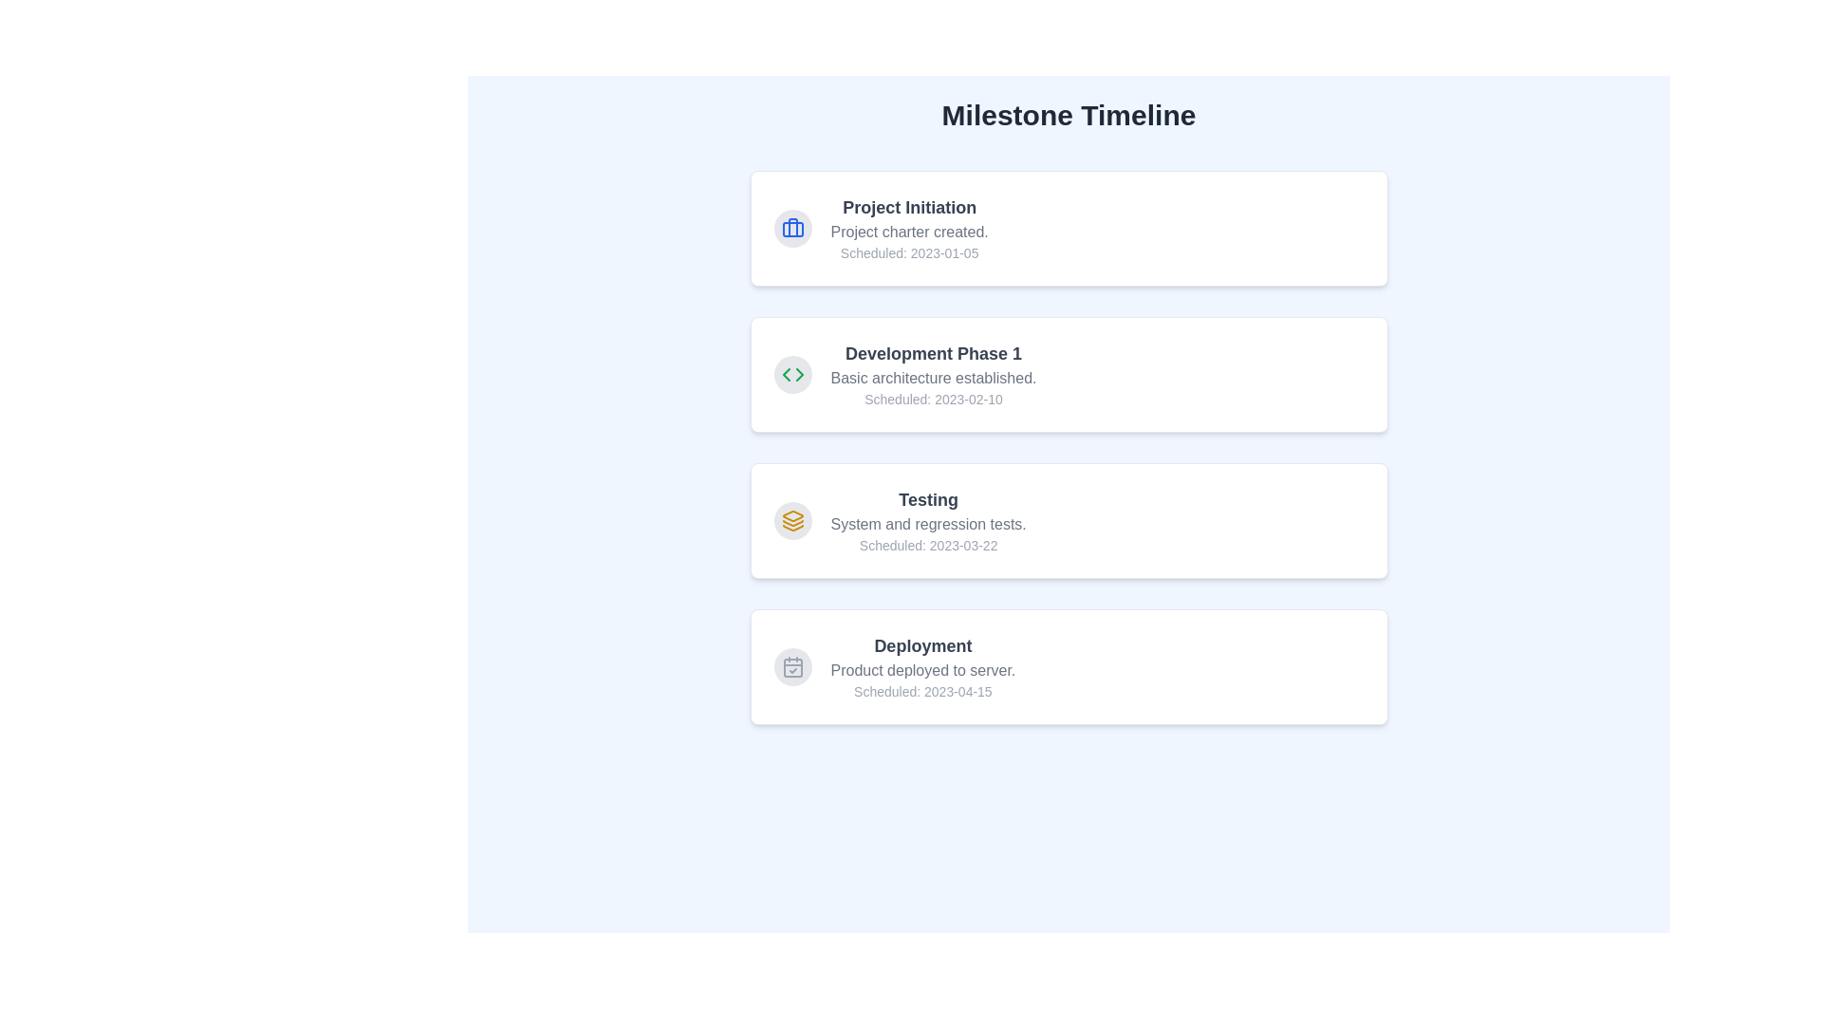  I want to click on the icon representing the development phase task located at the top-left of the 'Development Phase 1' milestone panel, so click(792, 374).